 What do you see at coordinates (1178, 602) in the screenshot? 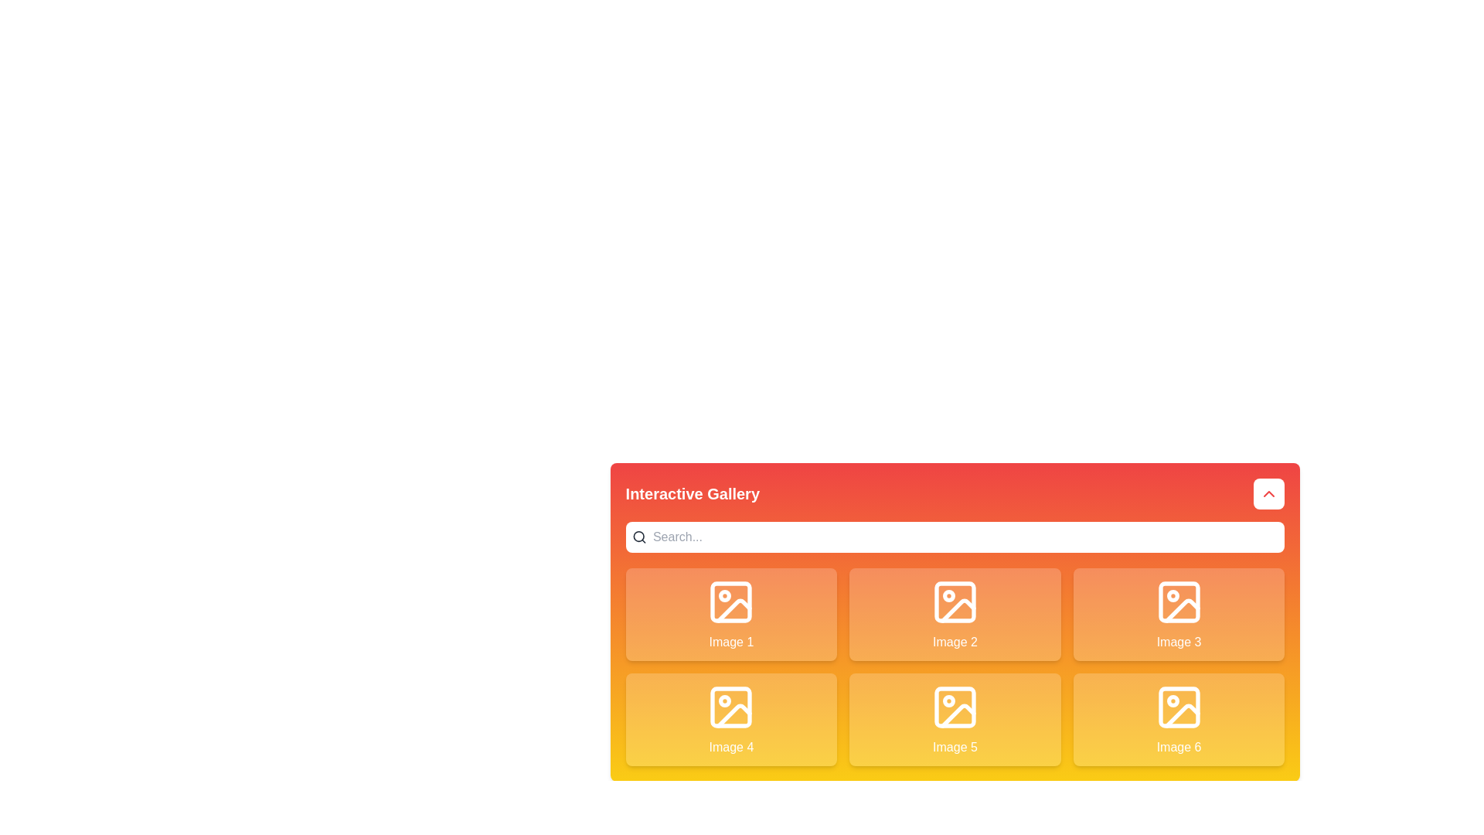
I see `the Vector graphic icon labeled 'Image 3' located in the second row, third column of the grid` at bounding box center [1178, 602].